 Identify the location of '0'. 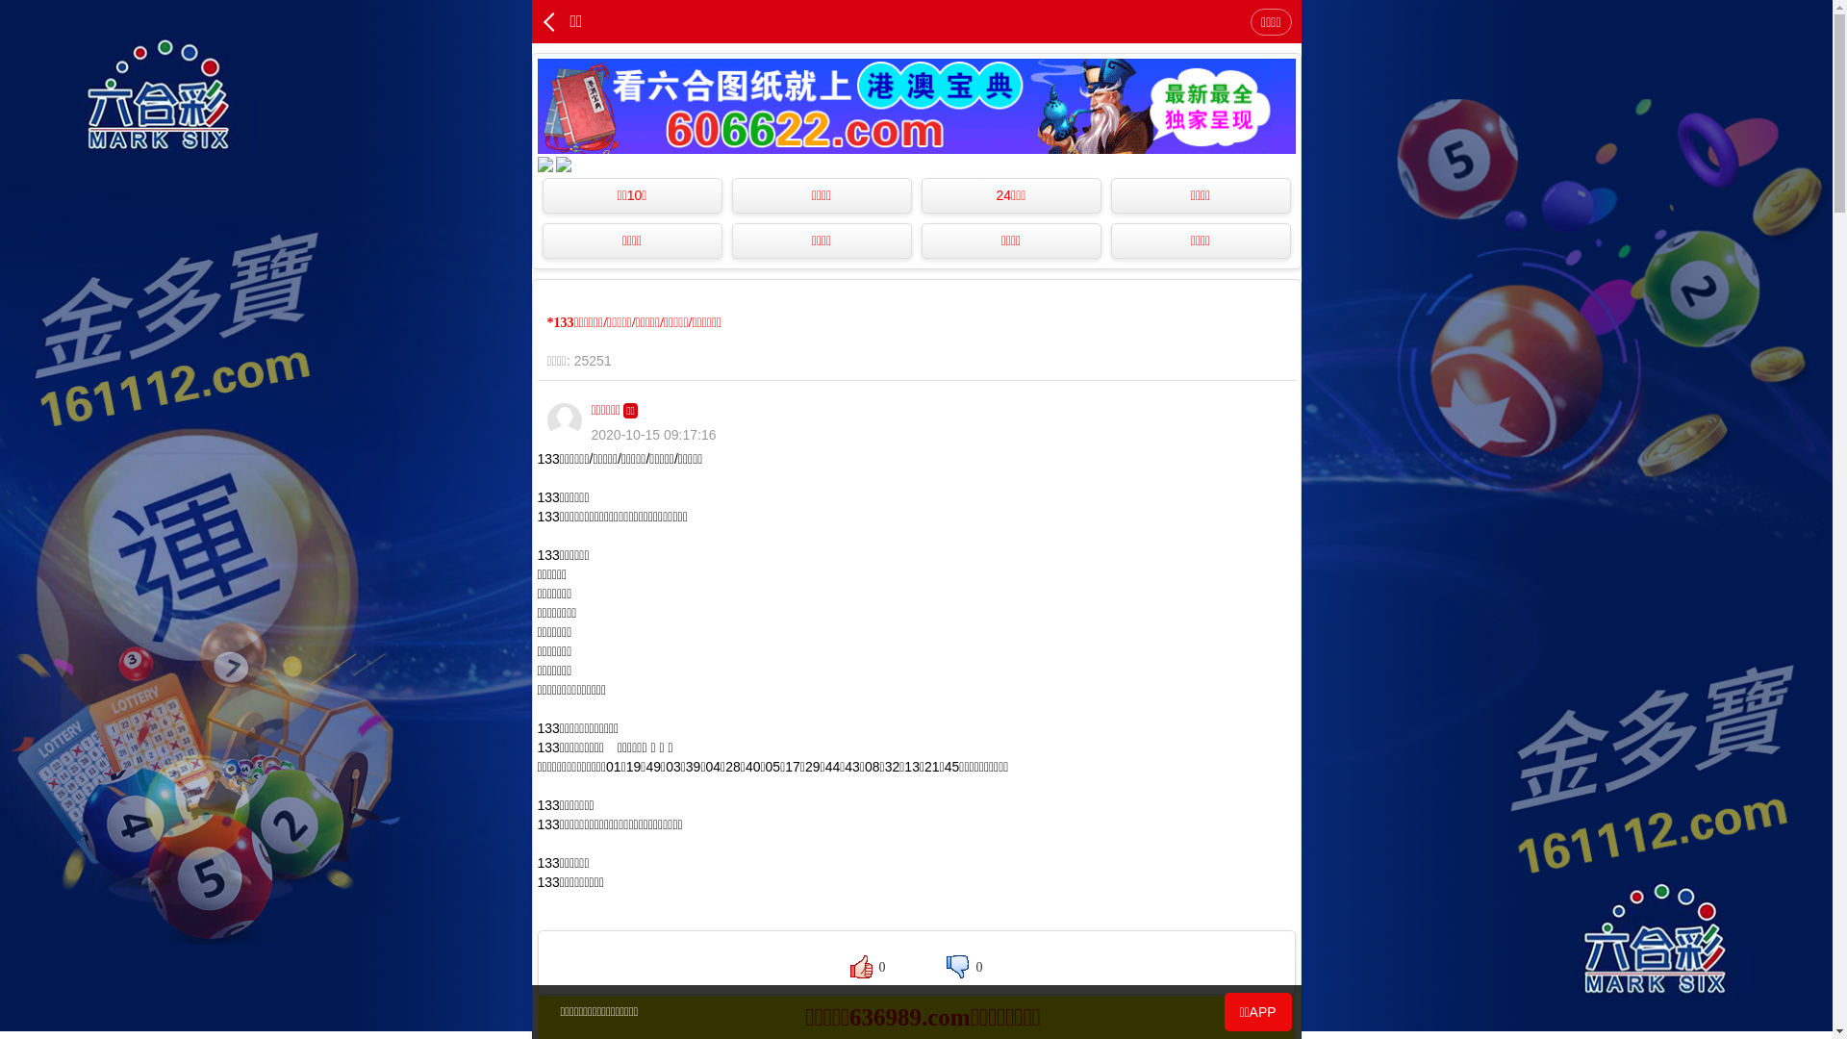
(867, 967).